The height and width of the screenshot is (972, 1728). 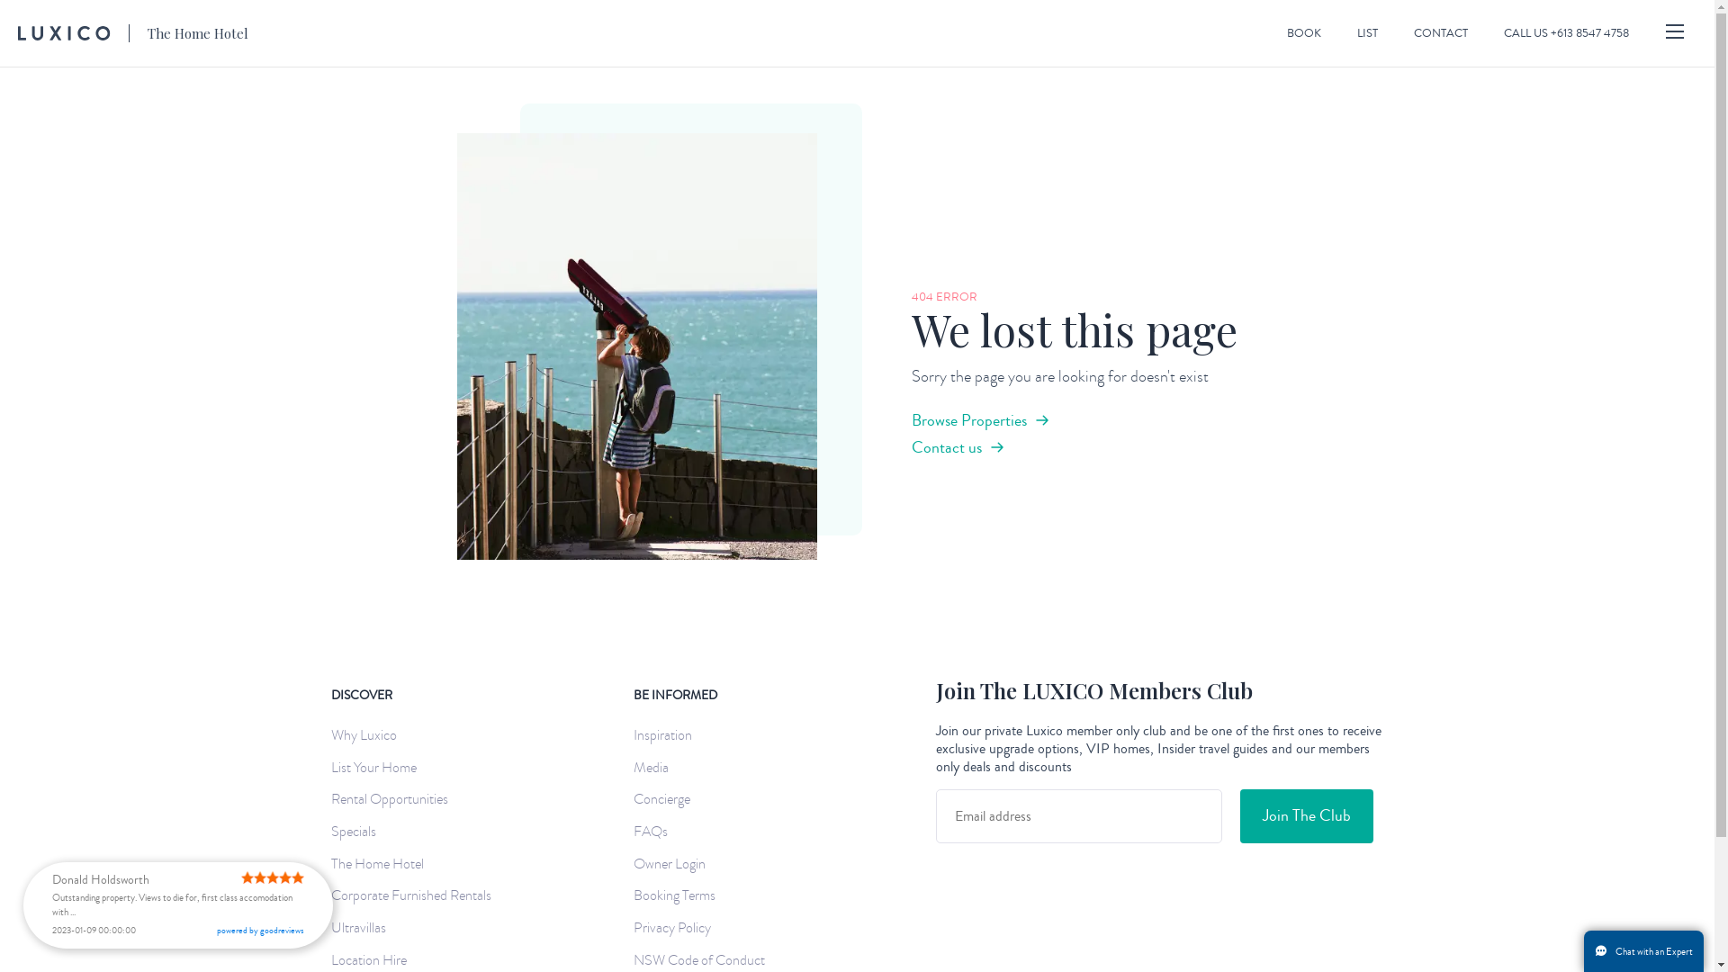 What do you see at coordinates (654, 768) in the screenshot?
I see `'Media'` at bounding box center [654, 768].